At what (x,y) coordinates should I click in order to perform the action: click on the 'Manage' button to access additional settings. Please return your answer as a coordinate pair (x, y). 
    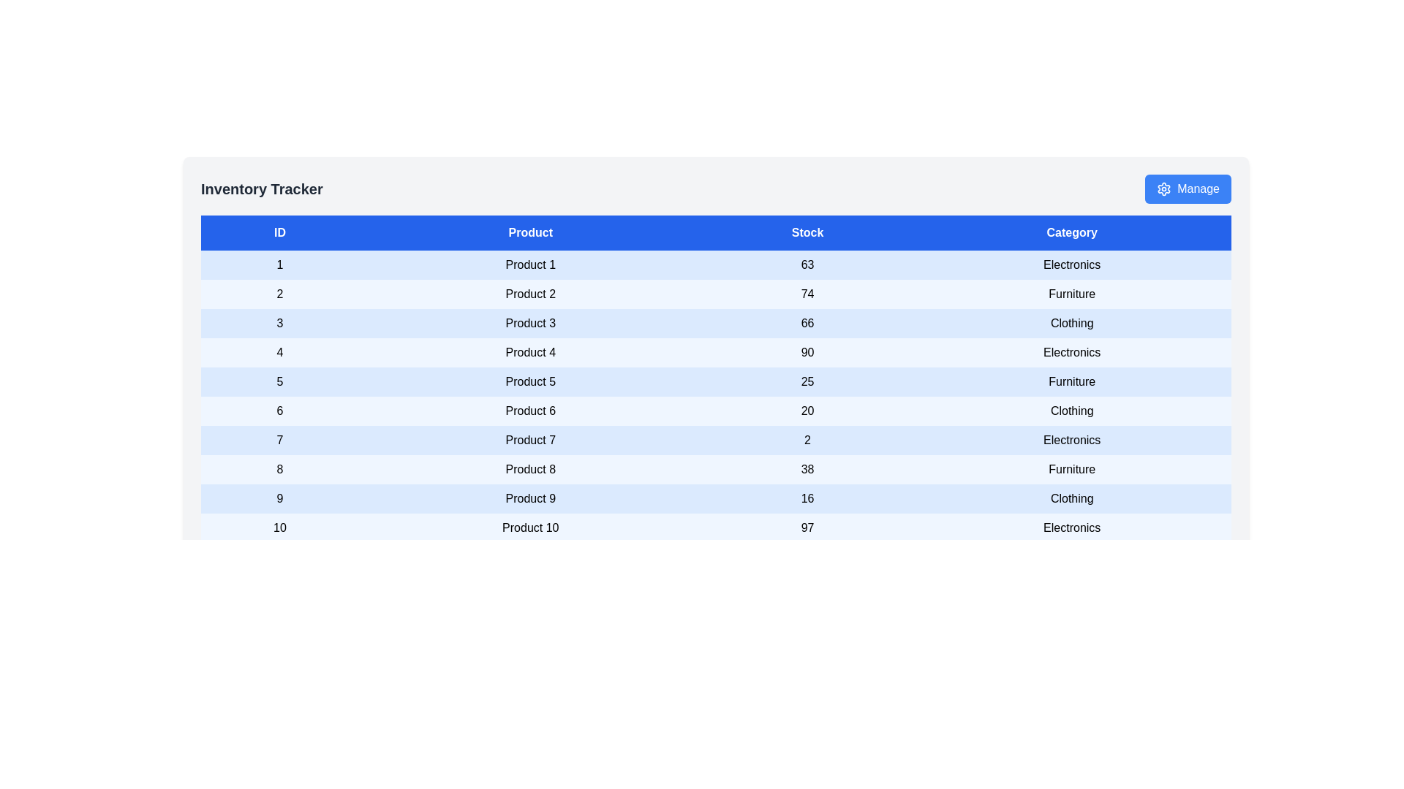
    Looking at the image, I should click on (1188, 188).